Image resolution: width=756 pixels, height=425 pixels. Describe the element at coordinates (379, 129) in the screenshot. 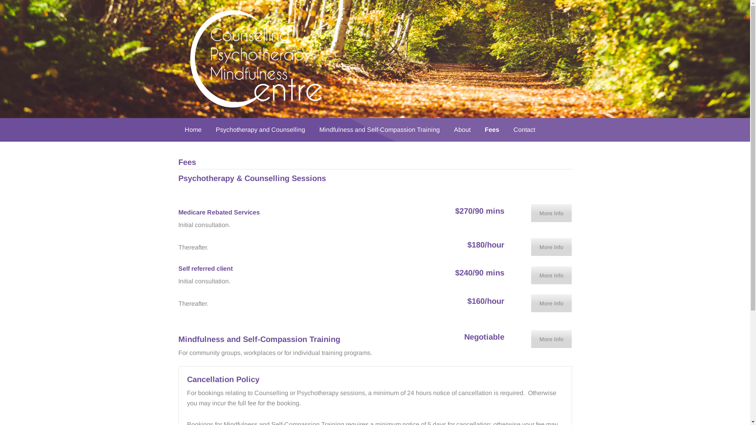

I see `'Mindfulness and Self-Compassion Training'` at that location.